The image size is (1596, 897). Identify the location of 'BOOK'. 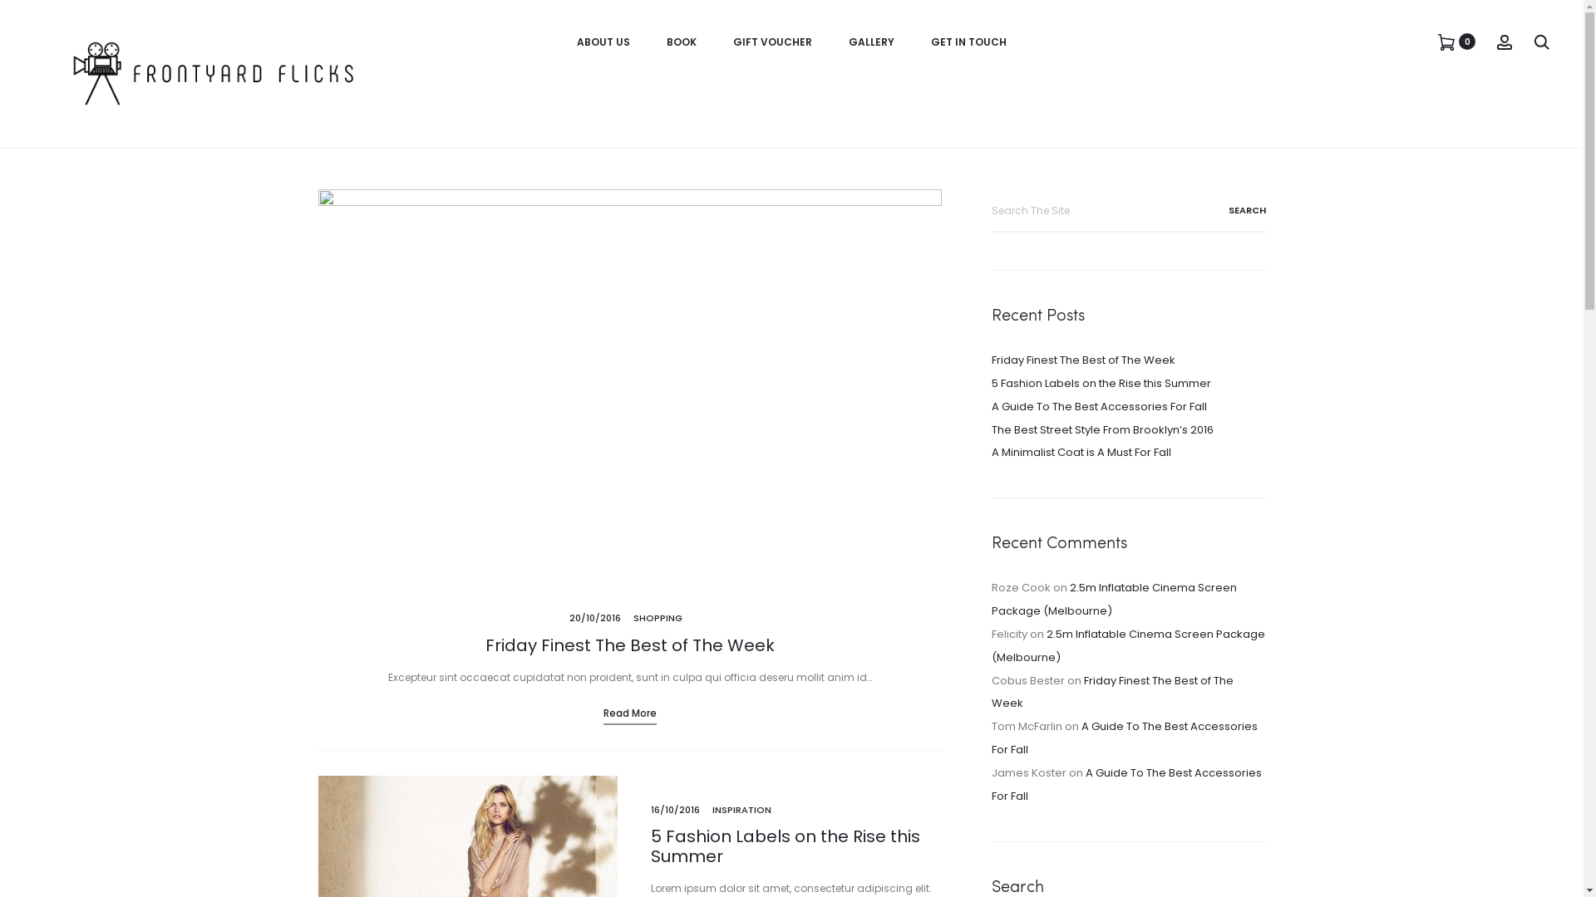
(666, 41).